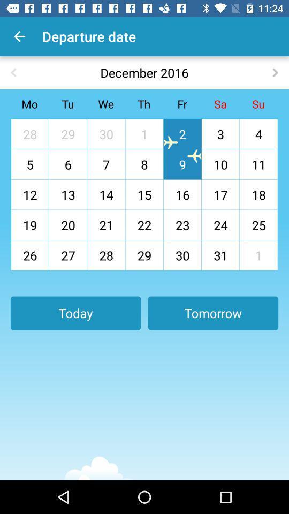 The image size is (289, 514). What do you see at coordinates (13, 72) in the screenshot?
I see `the arrow_backward icon` at bounding box center [13, 72].